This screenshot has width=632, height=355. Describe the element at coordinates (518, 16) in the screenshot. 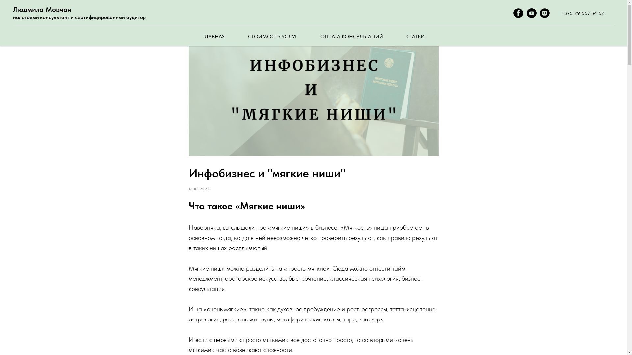

I see `'Facebook'` at that location.